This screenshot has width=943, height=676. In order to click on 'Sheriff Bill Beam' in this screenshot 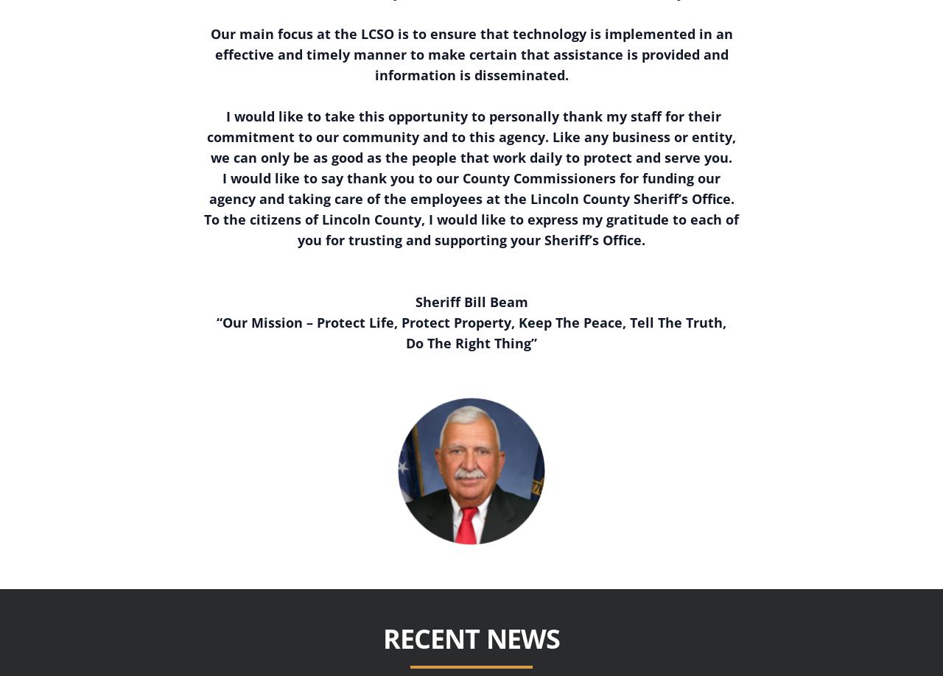, I will do `click(470, 300)`.